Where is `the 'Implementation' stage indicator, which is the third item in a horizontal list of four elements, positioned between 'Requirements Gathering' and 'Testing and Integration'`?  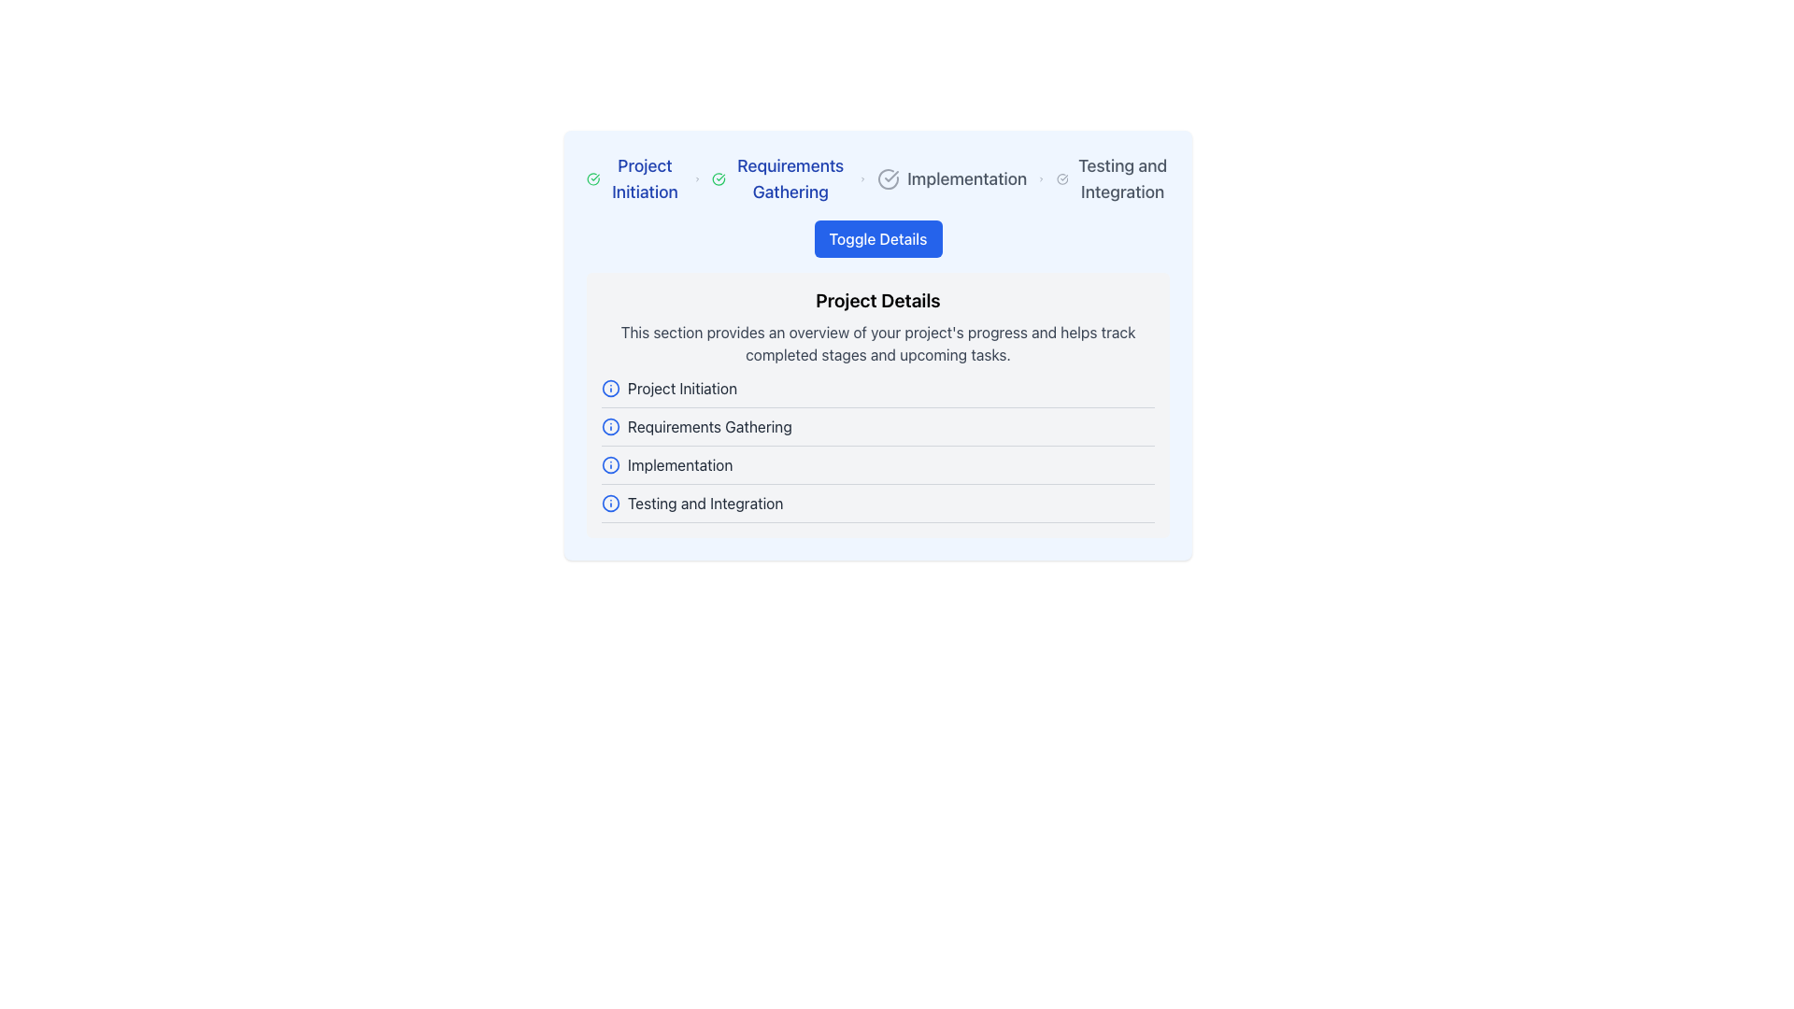
the 'Implementation' stage indicator, which is the third item in a horizontal list of four elements, positioned between 'Requirements Gathering' and 'Testing and Integration' is located at coordinates (952, 179).